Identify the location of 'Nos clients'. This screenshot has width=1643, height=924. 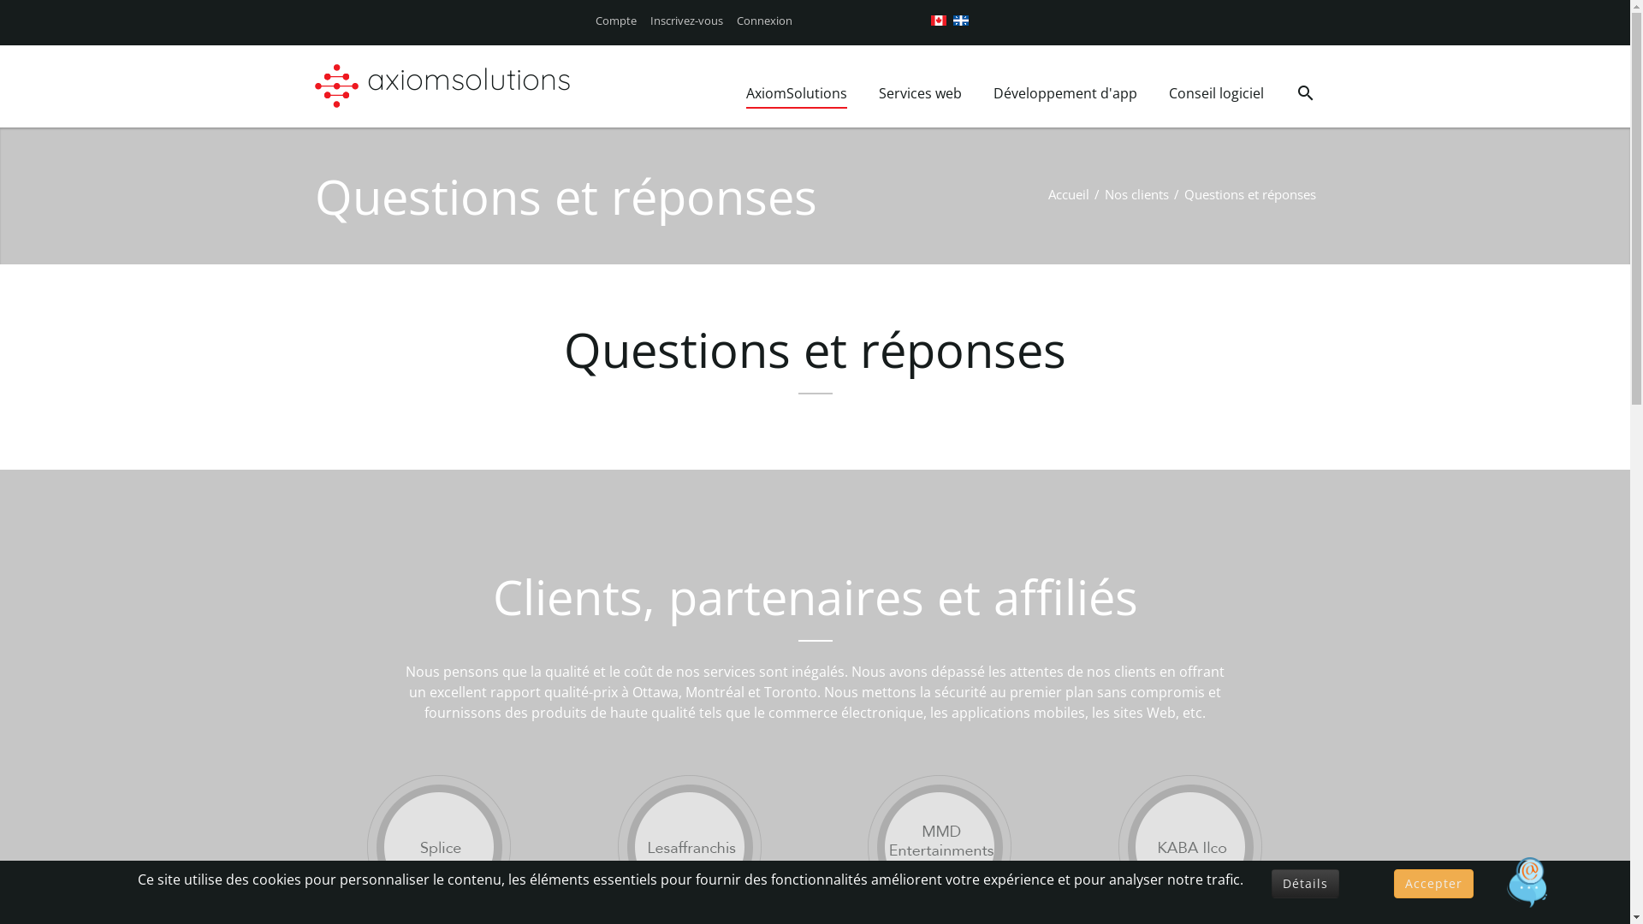
(1136, 193).